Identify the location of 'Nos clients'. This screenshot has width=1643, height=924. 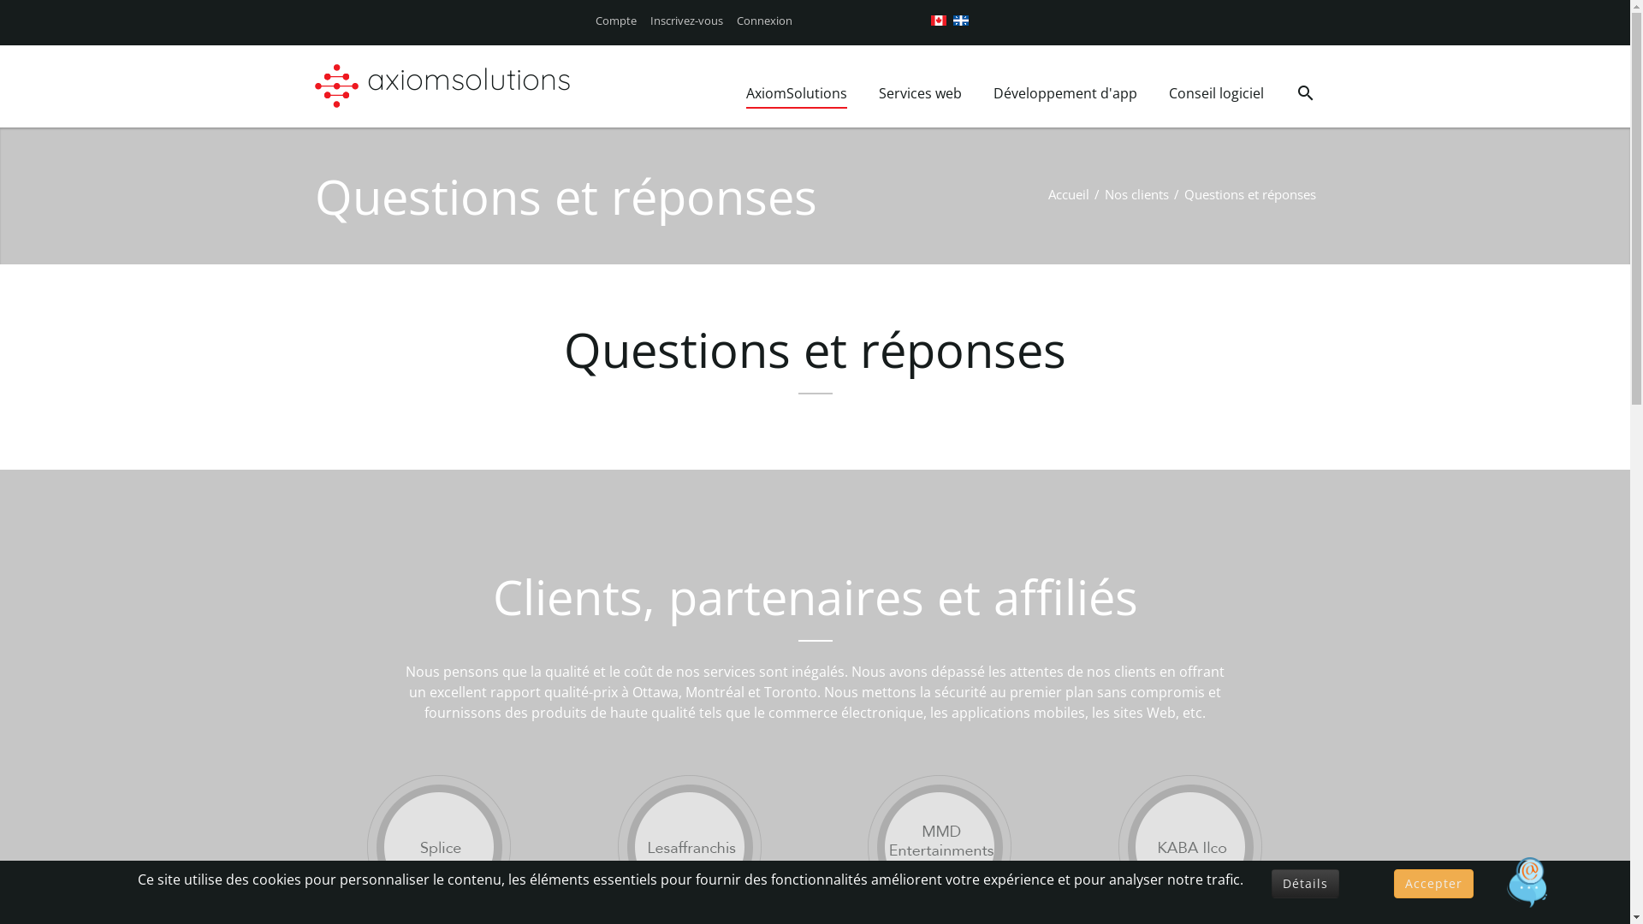
(1136, 193).